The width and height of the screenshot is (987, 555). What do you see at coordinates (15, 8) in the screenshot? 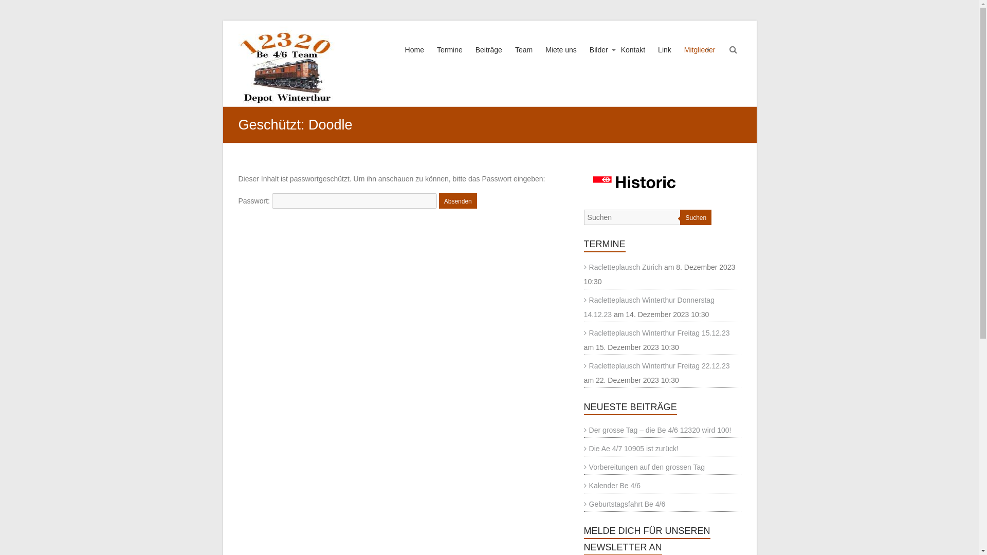
I see `'Suchen'` at bounding box center [15, 8].